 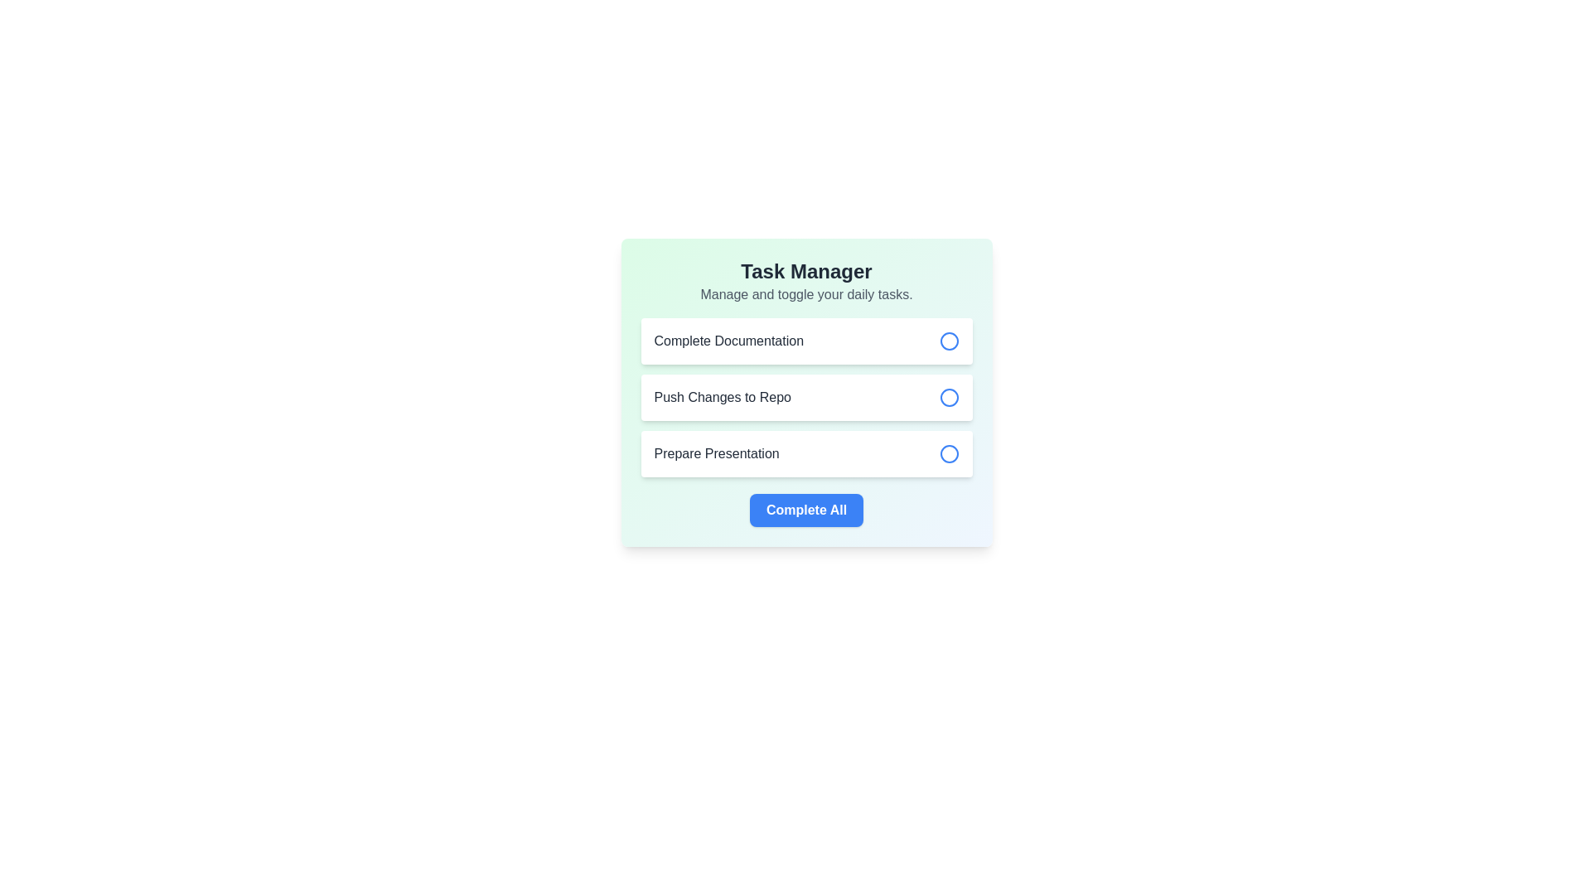 I want to click on the circular toggle status indicator for the 'Complete Documentation' task, so click(x=949, y=341).